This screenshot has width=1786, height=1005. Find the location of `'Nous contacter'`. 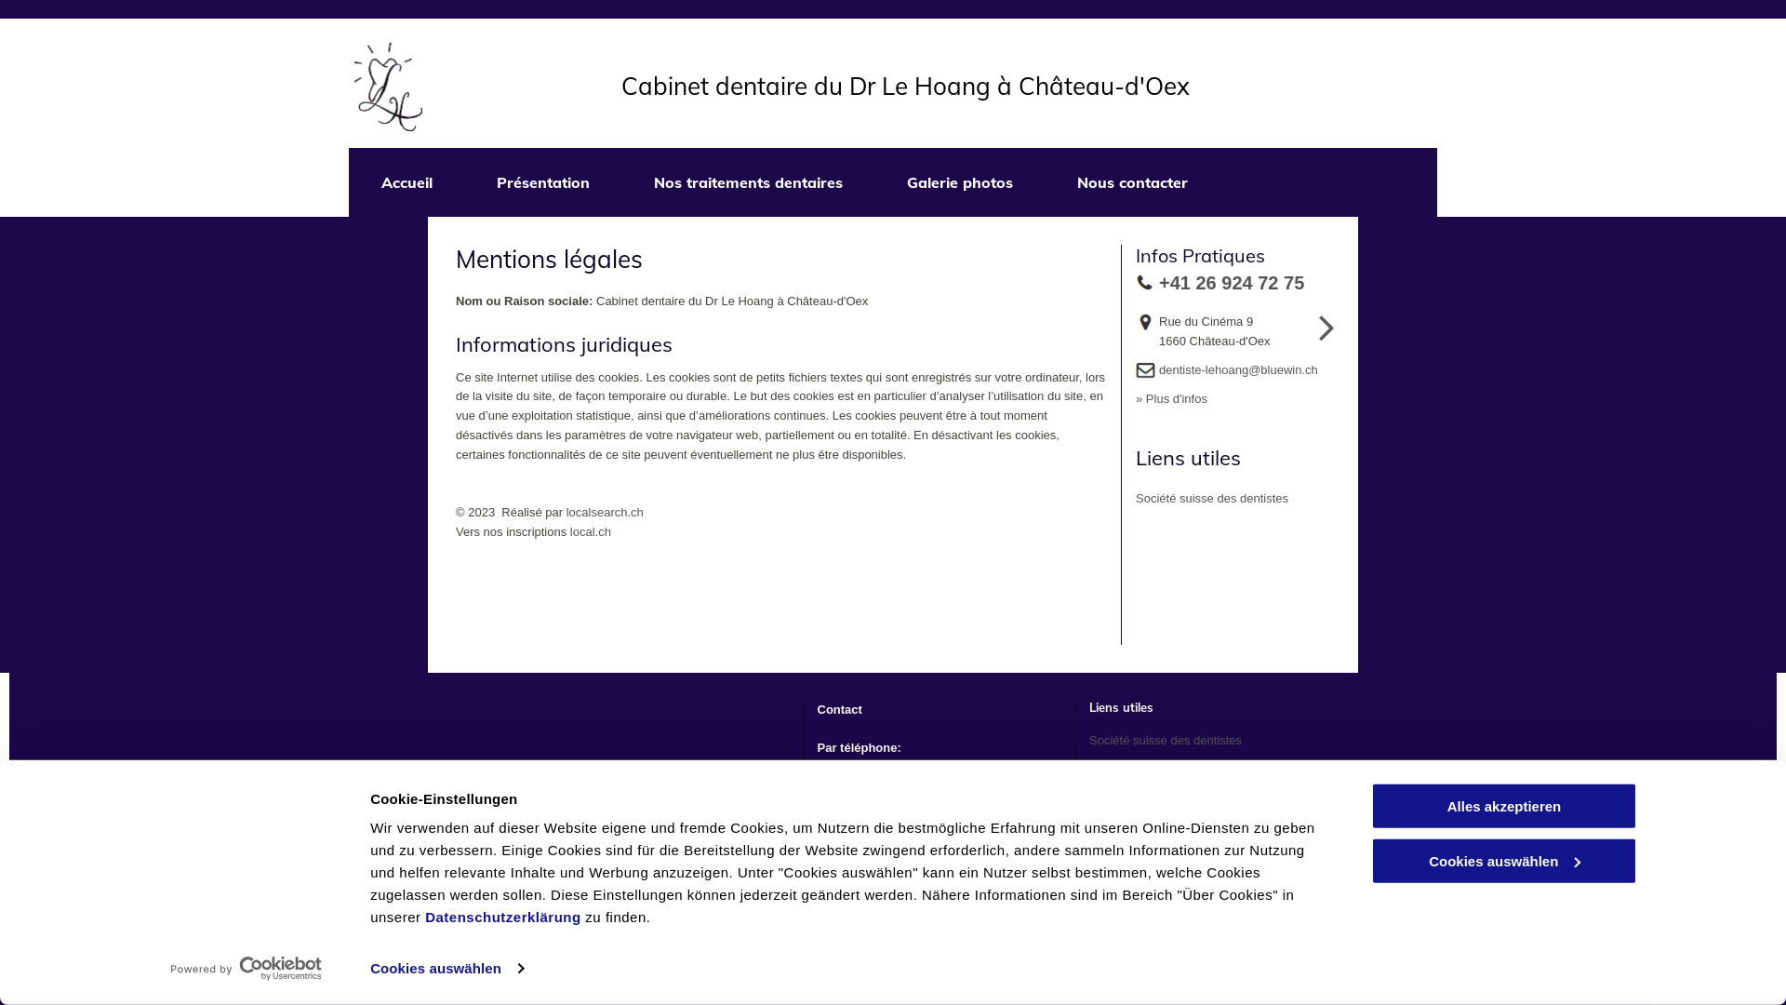

'Nous contacter' is located at coordinates (1131, 182).